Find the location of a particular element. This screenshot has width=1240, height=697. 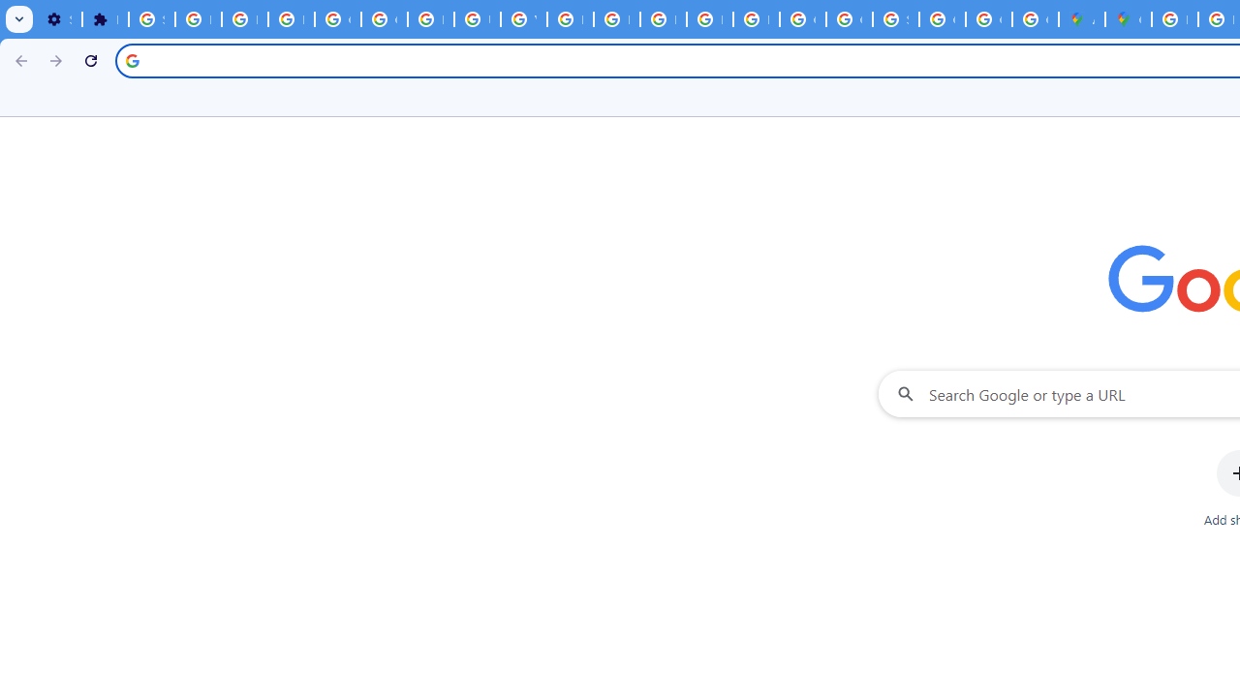

'Extensions' is located at coordinates (104, 19).